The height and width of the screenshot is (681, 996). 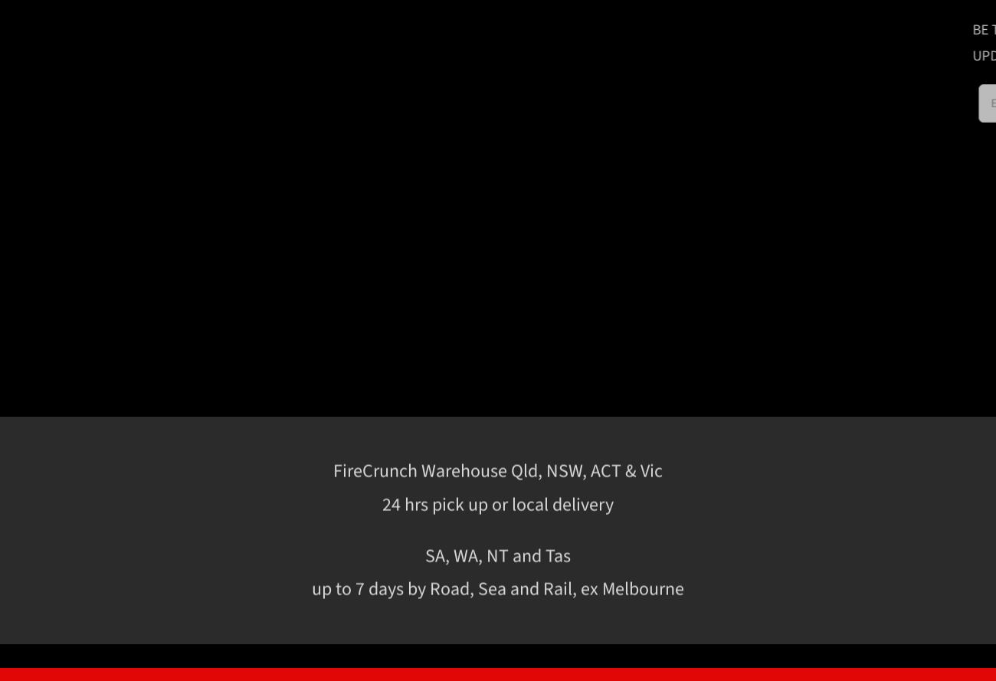 I want to click on 'BE THE FIRST TO GET THE LATEST NEWS & UPDATES', so click(x=791, y=42).